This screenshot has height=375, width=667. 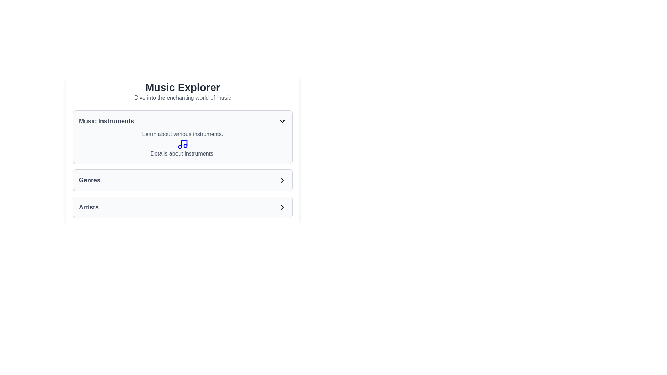 I want to click on the blue music note icon located centrally between the text lines 'Learn about various instruments.' and 'Details about instruments.' in the 'Music Instruments' section, so click(x=183, y=144).